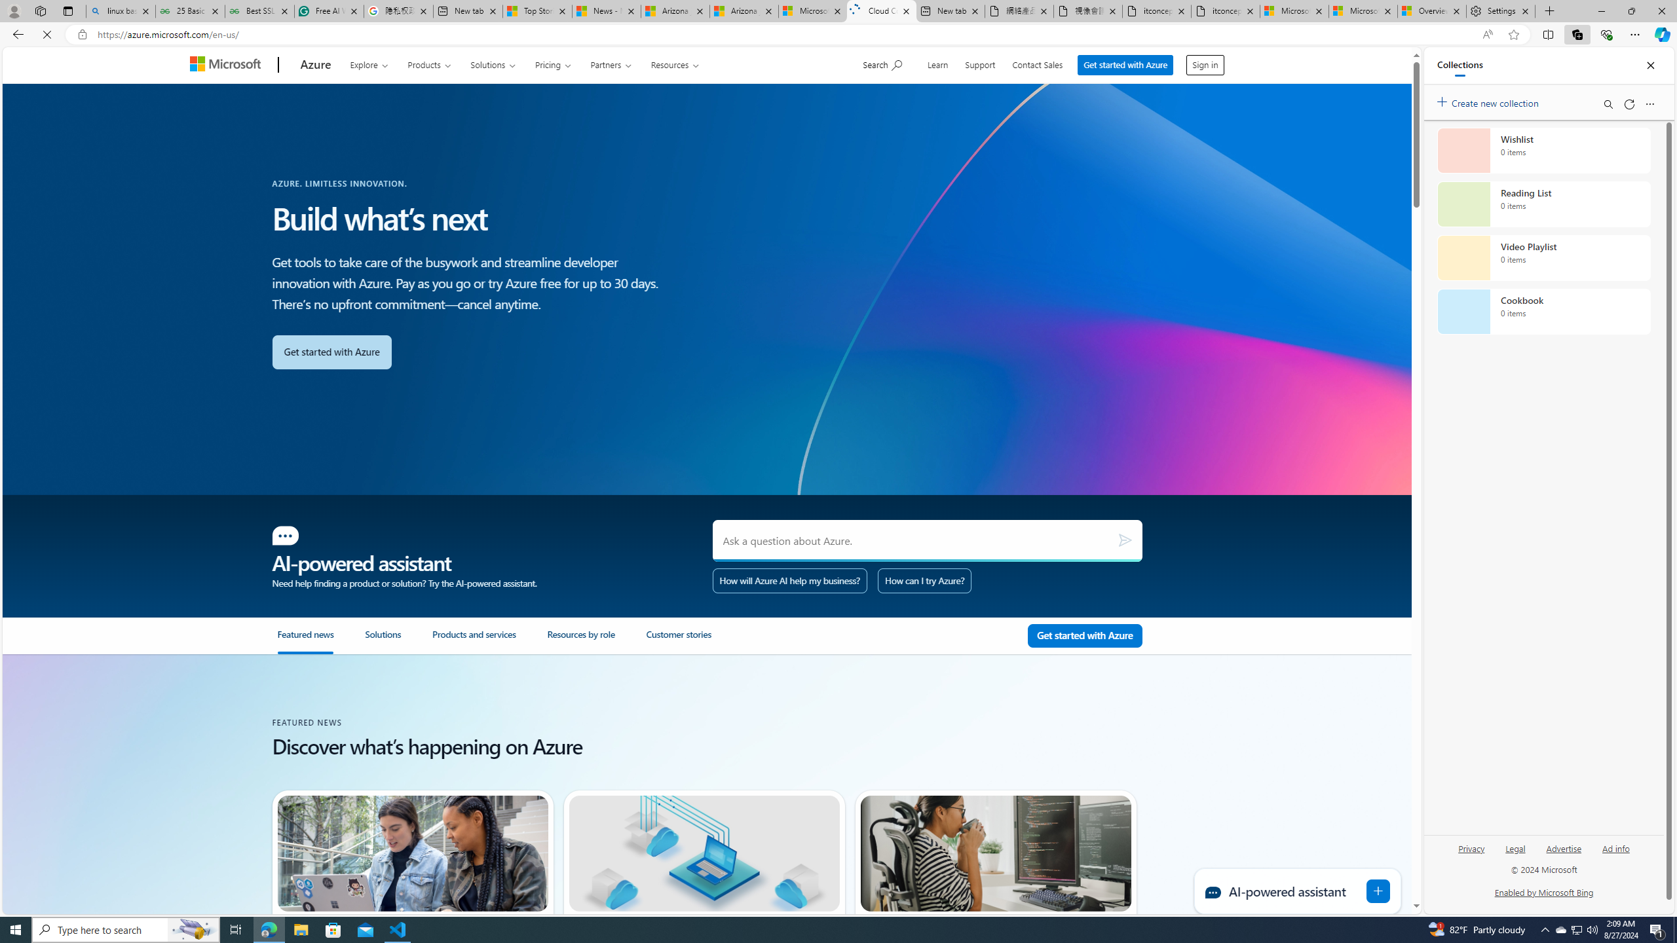 This screenshot has height=943, width=1677. What do you see at coordinates (1490, 100) in the screenshot?
I see `'Create new collection'` at bounding box center [1490, 100].